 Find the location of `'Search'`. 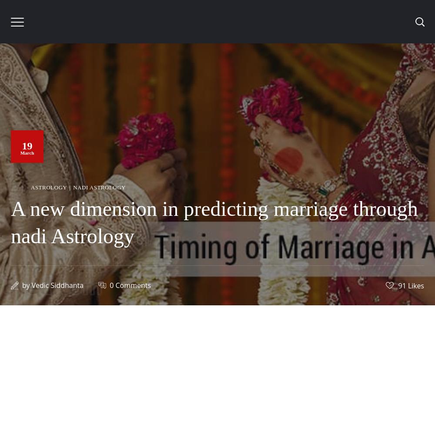

'Search' is located at coordinates (139, 188).